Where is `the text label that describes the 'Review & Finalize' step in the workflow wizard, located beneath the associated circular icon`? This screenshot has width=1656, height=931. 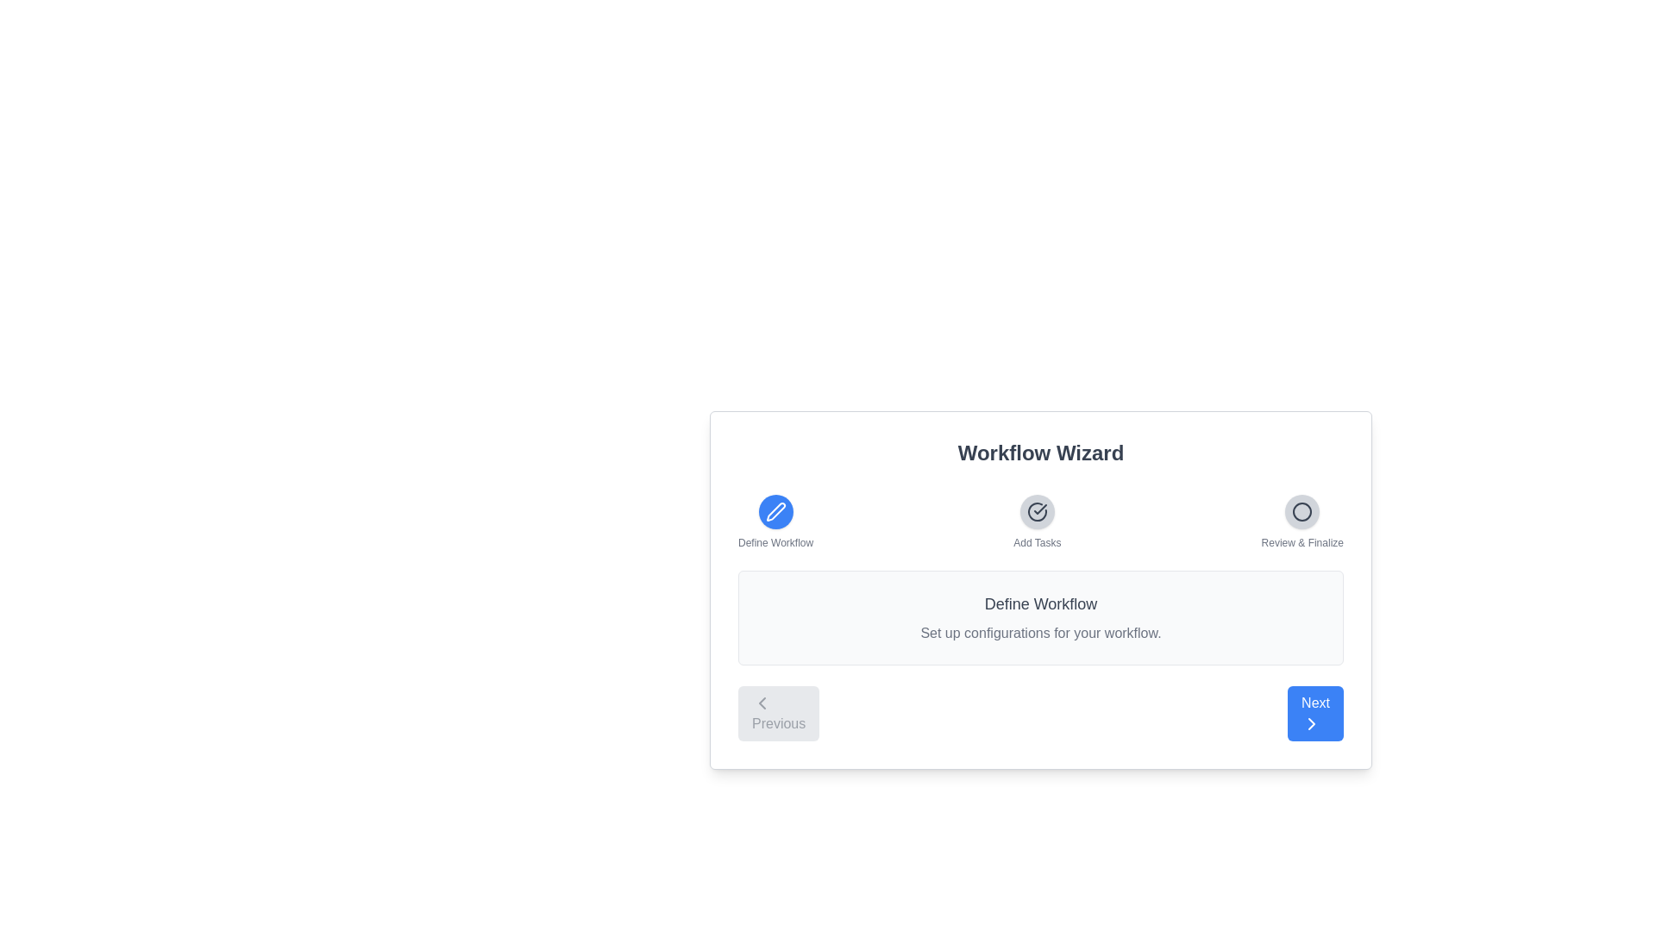
the text label that describes the 'Review & Finalize' step in the workflow wizard, located beneath the associated circular icon is located at coordinates (1302, 541).